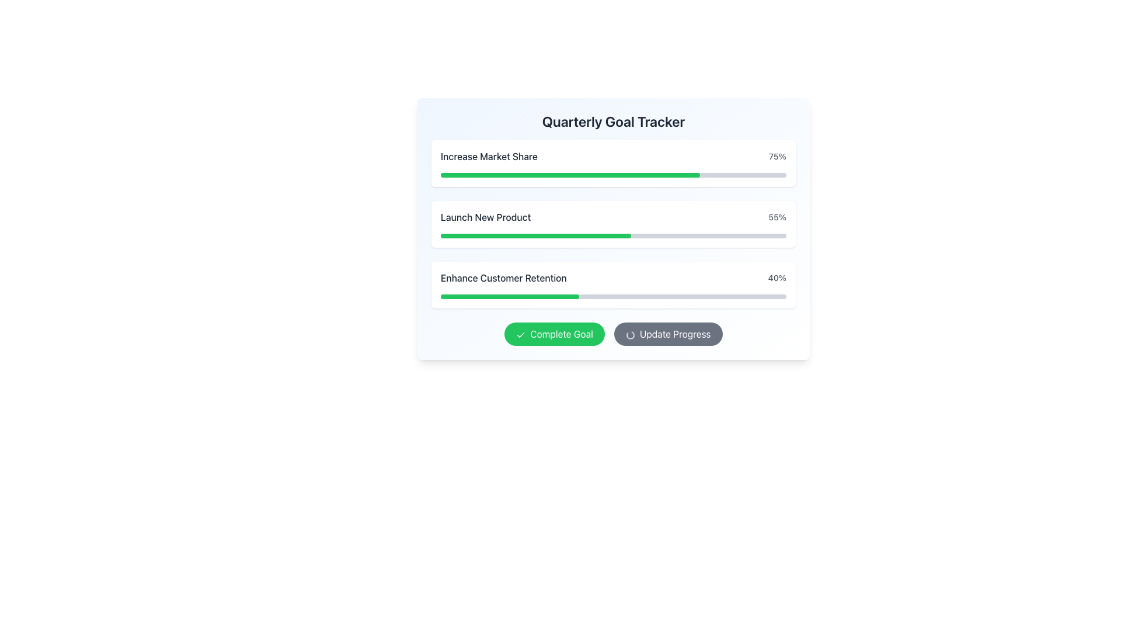 This screenshot has width=1121, height=631. I want to click on the circular loader icon located inside the 'Update Progress' button, positioned to the left of the text label, so click(629, 335).